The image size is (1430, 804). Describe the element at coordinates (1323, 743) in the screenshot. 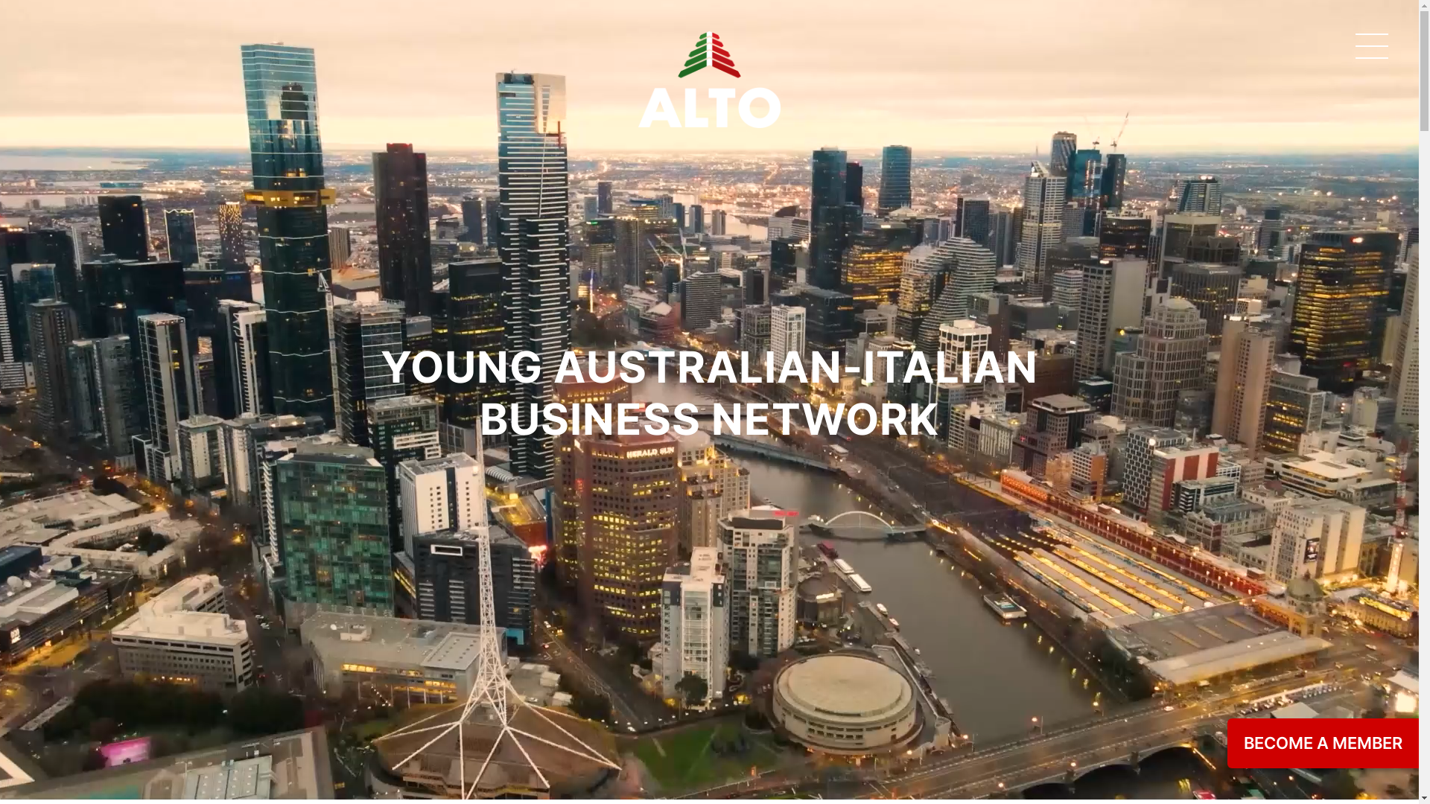

I see `'BECOME A MEMBER'` at that location.